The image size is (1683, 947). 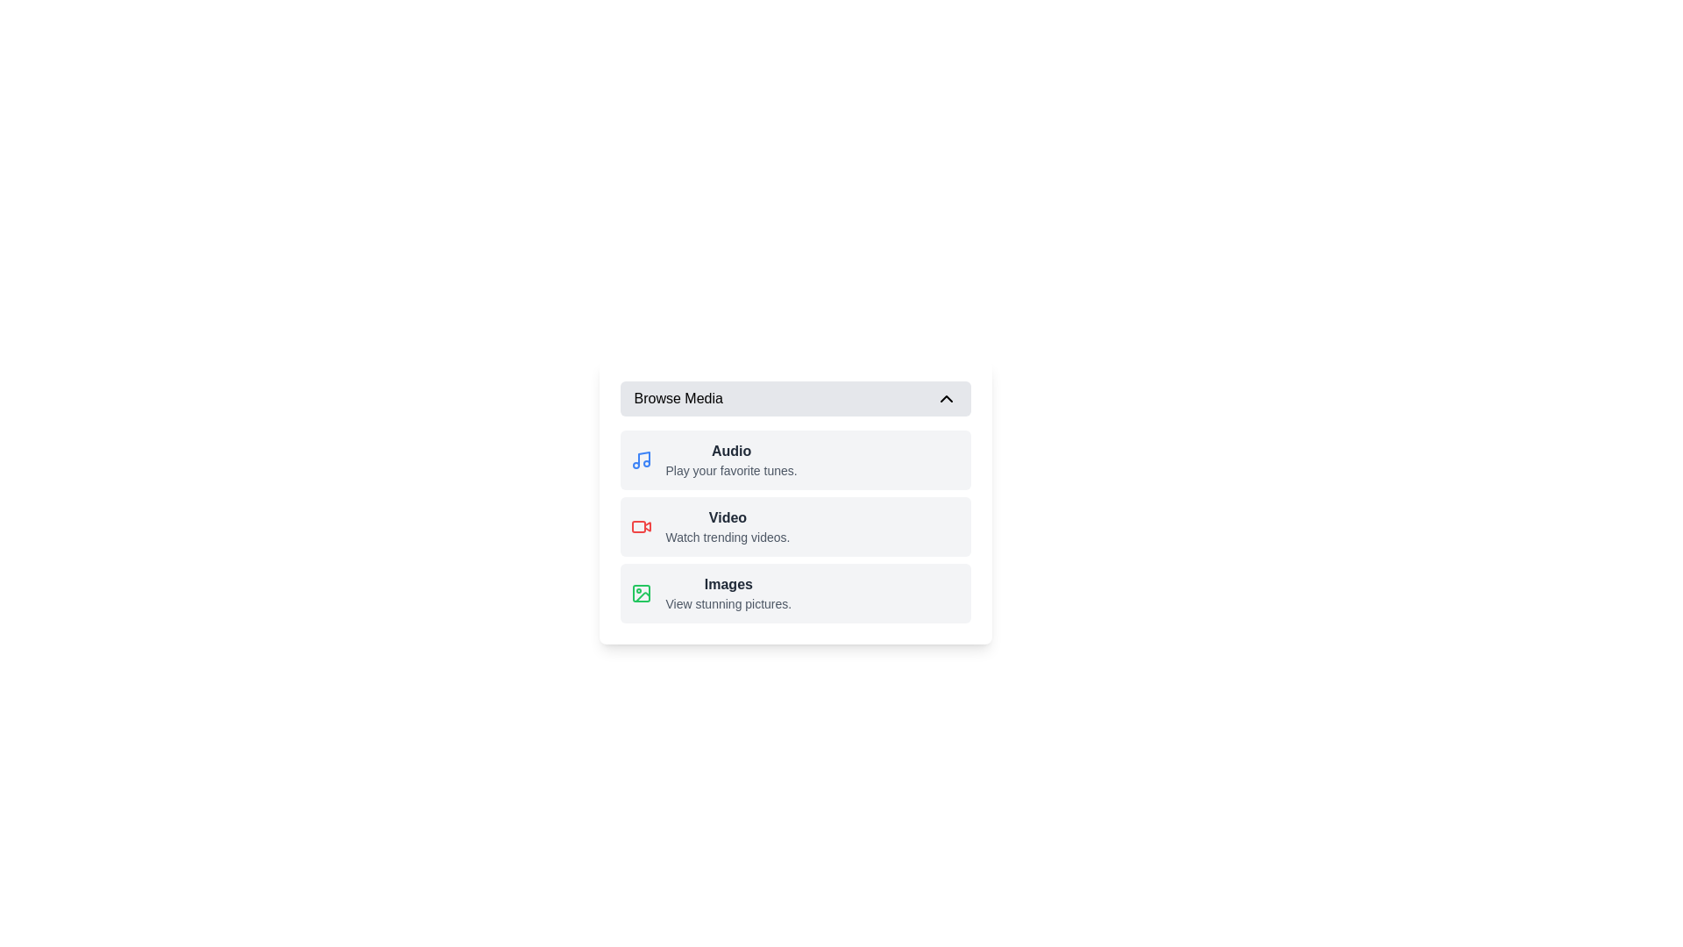 What do you see at coordinates (728, 537) in the screenshot?
I see `explanatory subtitle text for the 'Video' section, which is located directly beneath the primary label 'Video'` at bounding box center [728, 537].